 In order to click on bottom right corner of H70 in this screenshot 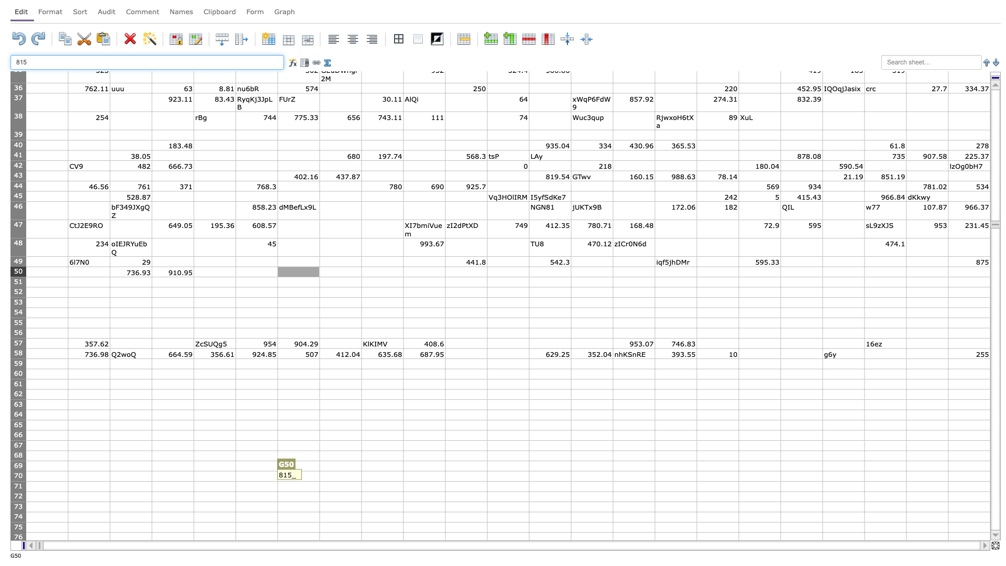, I will do `click(362, 481)`.